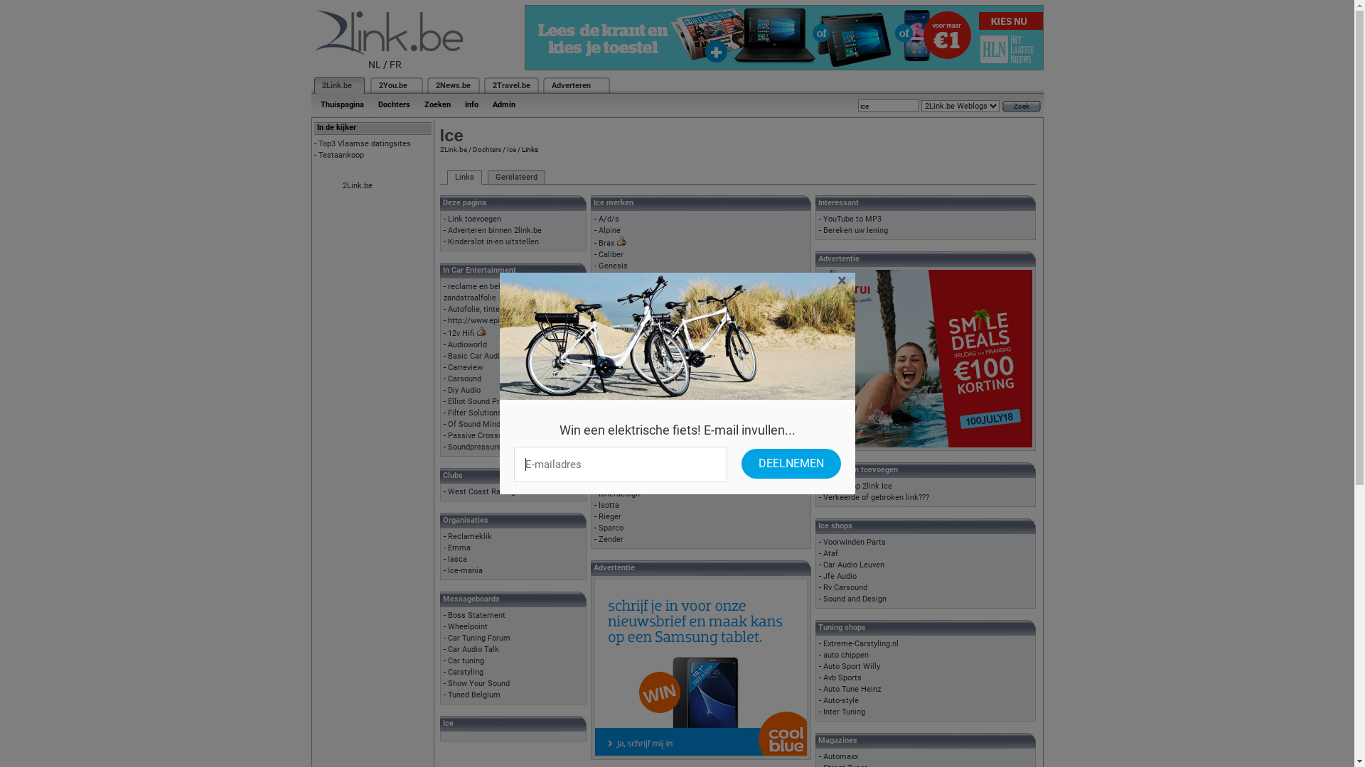  Describe the element at coordinates (609, 219) in the screenshot. I see `'A/d/s'` at that location.